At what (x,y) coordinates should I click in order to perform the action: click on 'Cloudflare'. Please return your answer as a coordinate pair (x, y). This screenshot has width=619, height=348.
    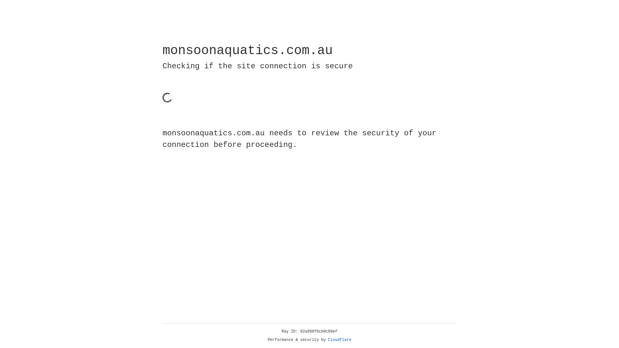
    Looking at the image, I should click on (339, 340).